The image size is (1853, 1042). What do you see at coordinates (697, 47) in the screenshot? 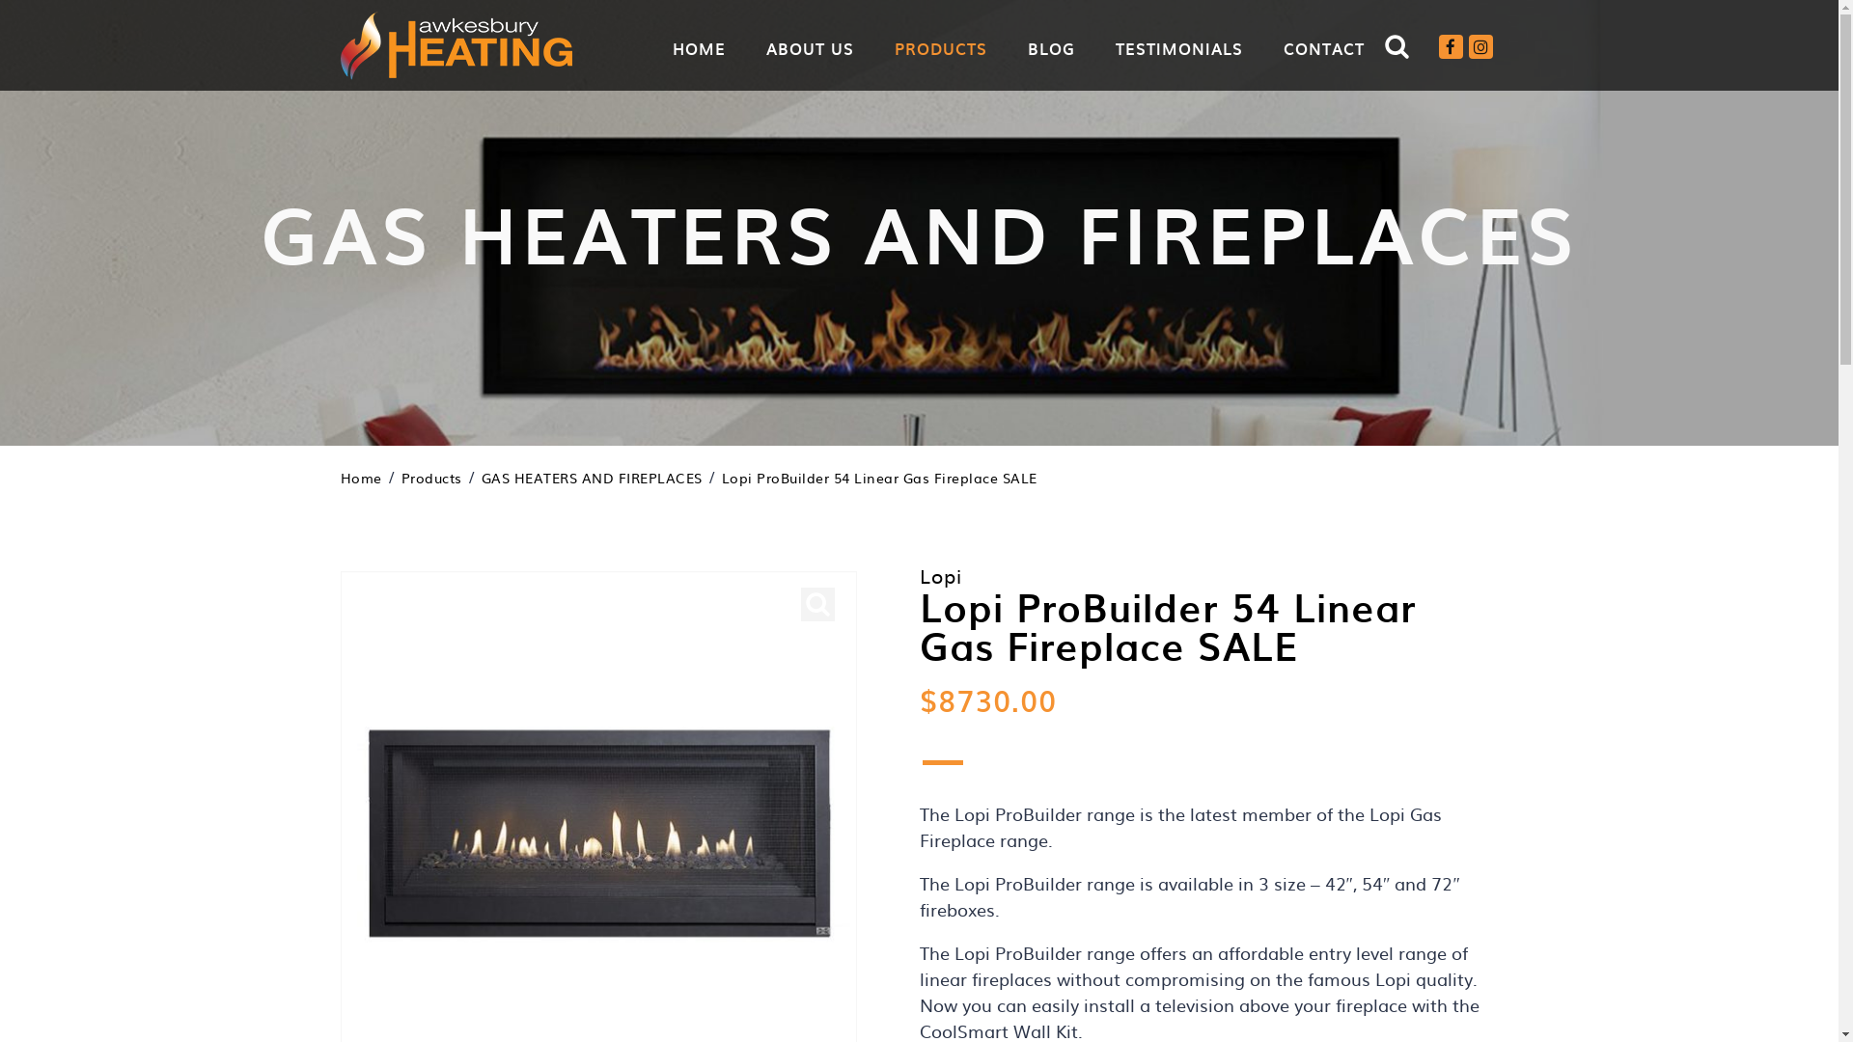
I see `'HOME'` at bounding box center [697, 47].